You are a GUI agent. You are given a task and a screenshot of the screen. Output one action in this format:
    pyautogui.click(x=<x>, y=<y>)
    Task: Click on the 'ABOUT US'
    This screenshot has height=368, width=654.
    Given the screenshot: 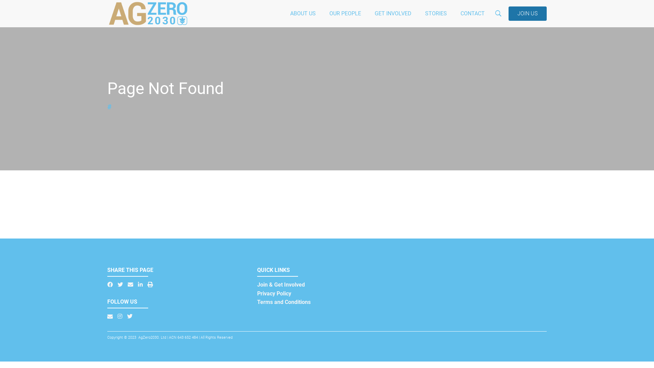 What is the action you would take?
    pyautogui.click(x=283, y=13)
    